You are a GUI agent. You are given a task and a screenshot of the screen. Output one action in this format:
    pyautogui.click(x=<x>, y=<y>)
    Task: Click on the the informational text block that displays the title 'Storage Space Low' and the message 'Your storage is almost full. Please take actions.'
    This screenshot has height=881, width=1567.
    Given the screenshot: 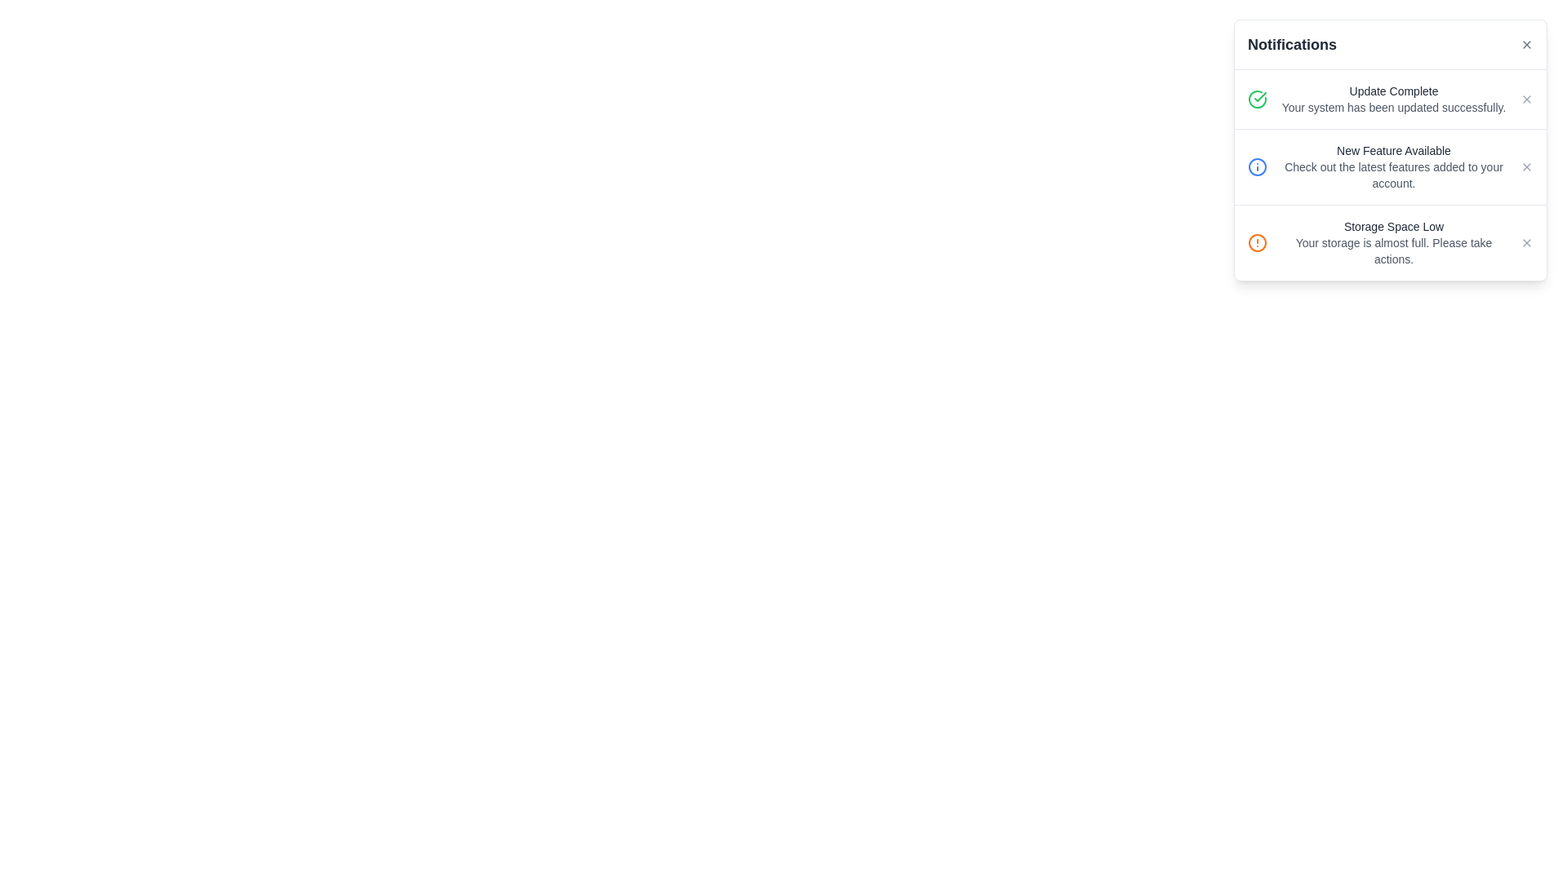 What is the action you would take?
    pyautogui.click(x=1393, y=242)
    